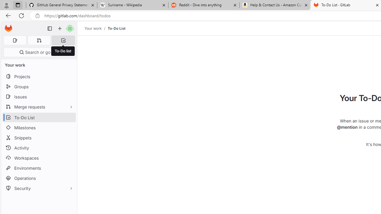 This screenshot has width=381, height=214. I want to click on 'GitHub General Privacy Statement - GitHub Docs', so click(62, 5).